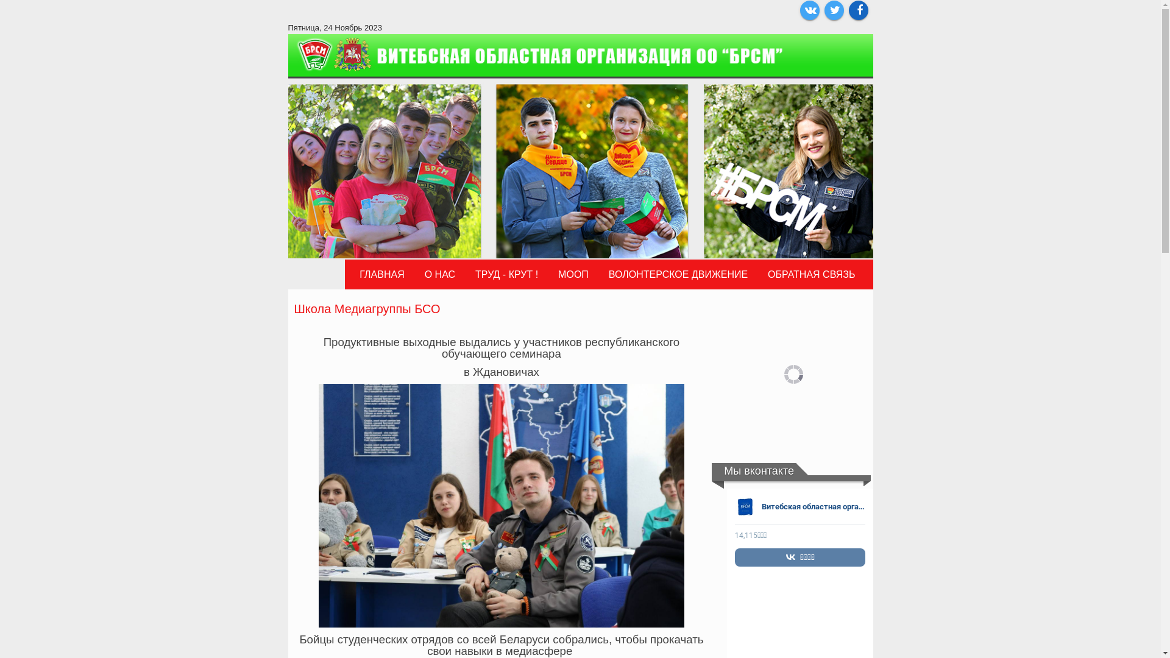  Describe the element at coordinates (848, 10) in the screenshot. I see `'Facebook'` at that location.